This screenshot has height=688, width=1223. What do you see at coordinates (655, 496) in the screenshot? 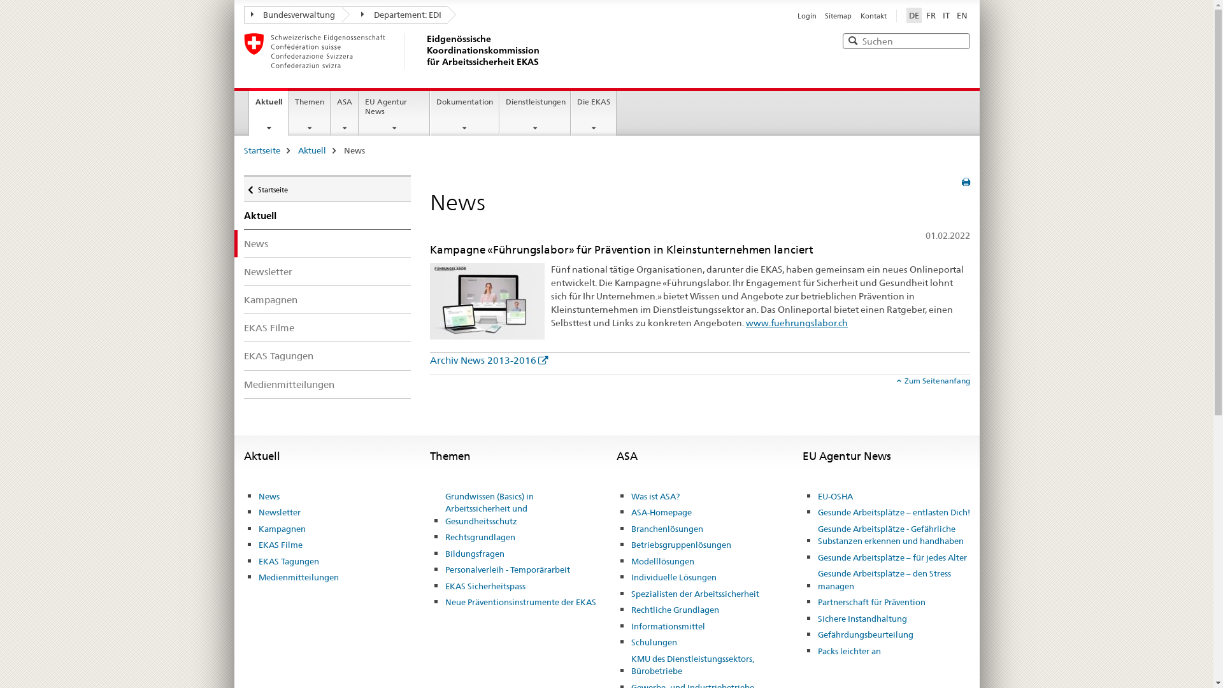
I see `'Was ist ASA?'` at bounding box center [655, 496].